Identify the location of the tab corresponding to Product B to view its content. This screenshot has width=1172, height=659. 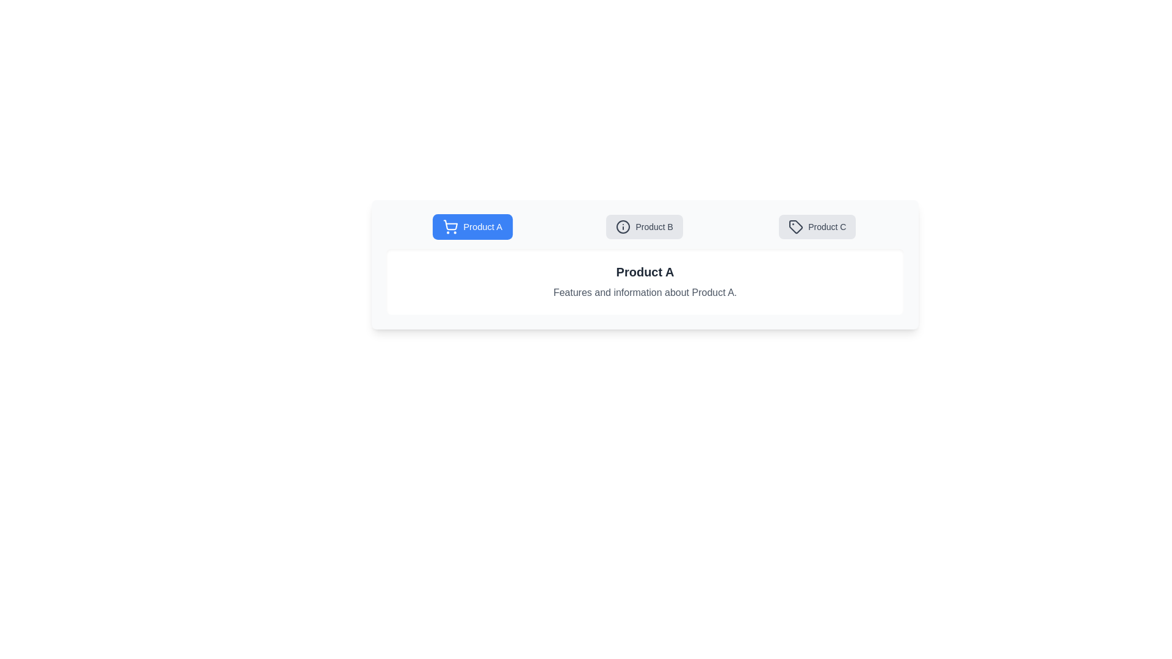
(644, 226).